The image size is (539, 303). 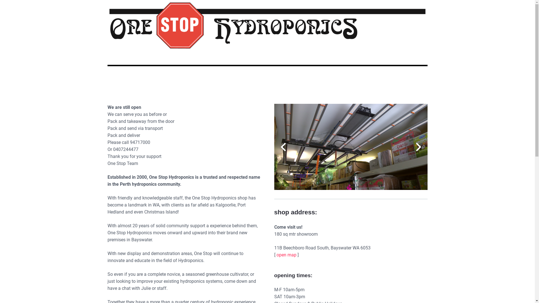 What do you see at coordinates (286, 255) in the screenshot?
I see `'open map'` at bounding box center [286, 255].